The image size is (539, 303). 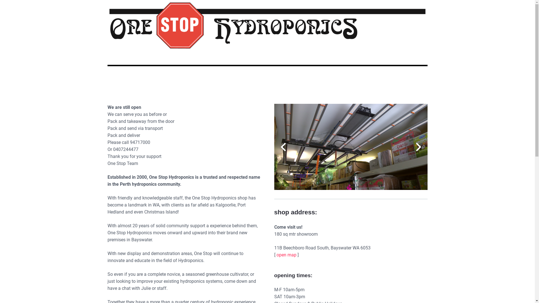 What do you see at coordinates (286, 255) in the screenshot?
I see `'open map'` at bounding box center [286, 255].